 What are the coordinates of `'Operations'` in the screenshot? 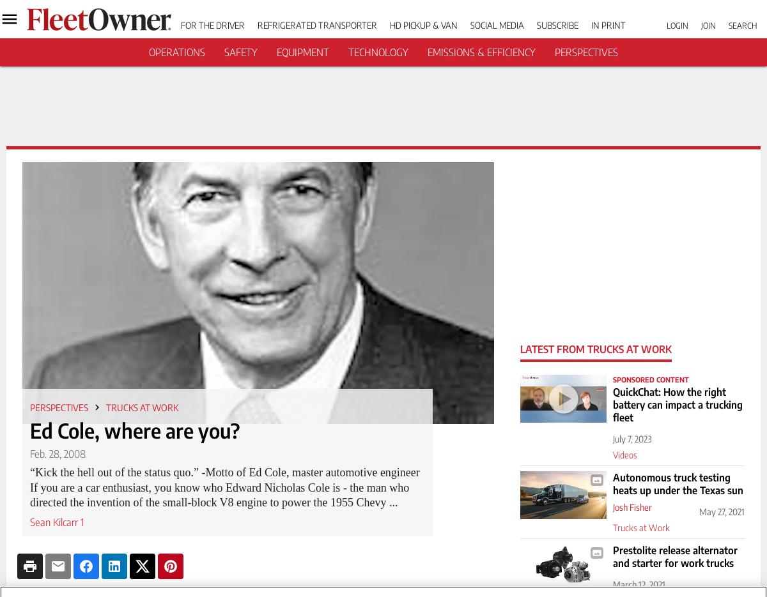 It's located at (176, 52).